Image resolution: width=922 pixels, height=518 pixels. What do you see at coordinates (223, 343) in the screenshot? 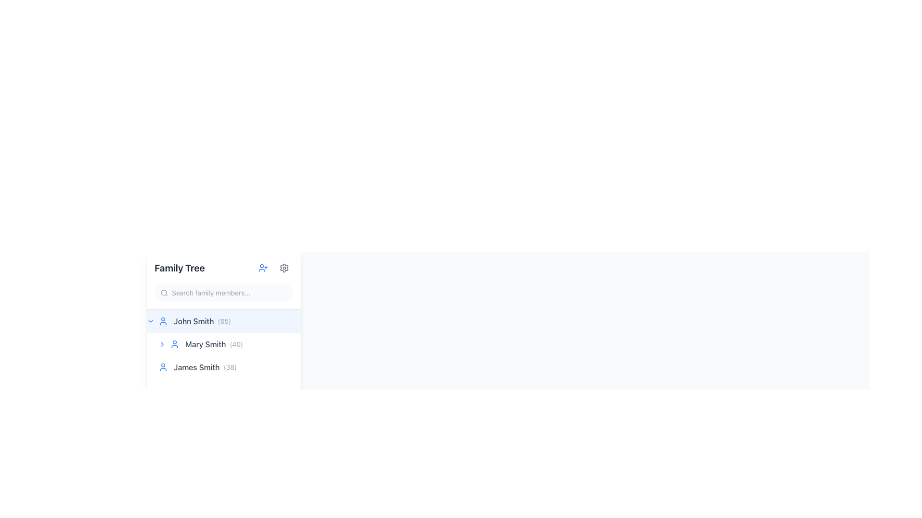
I see `the name 'Mary Smith' in the family member list under 'Family Tree'` at bounding box center [223, 343].